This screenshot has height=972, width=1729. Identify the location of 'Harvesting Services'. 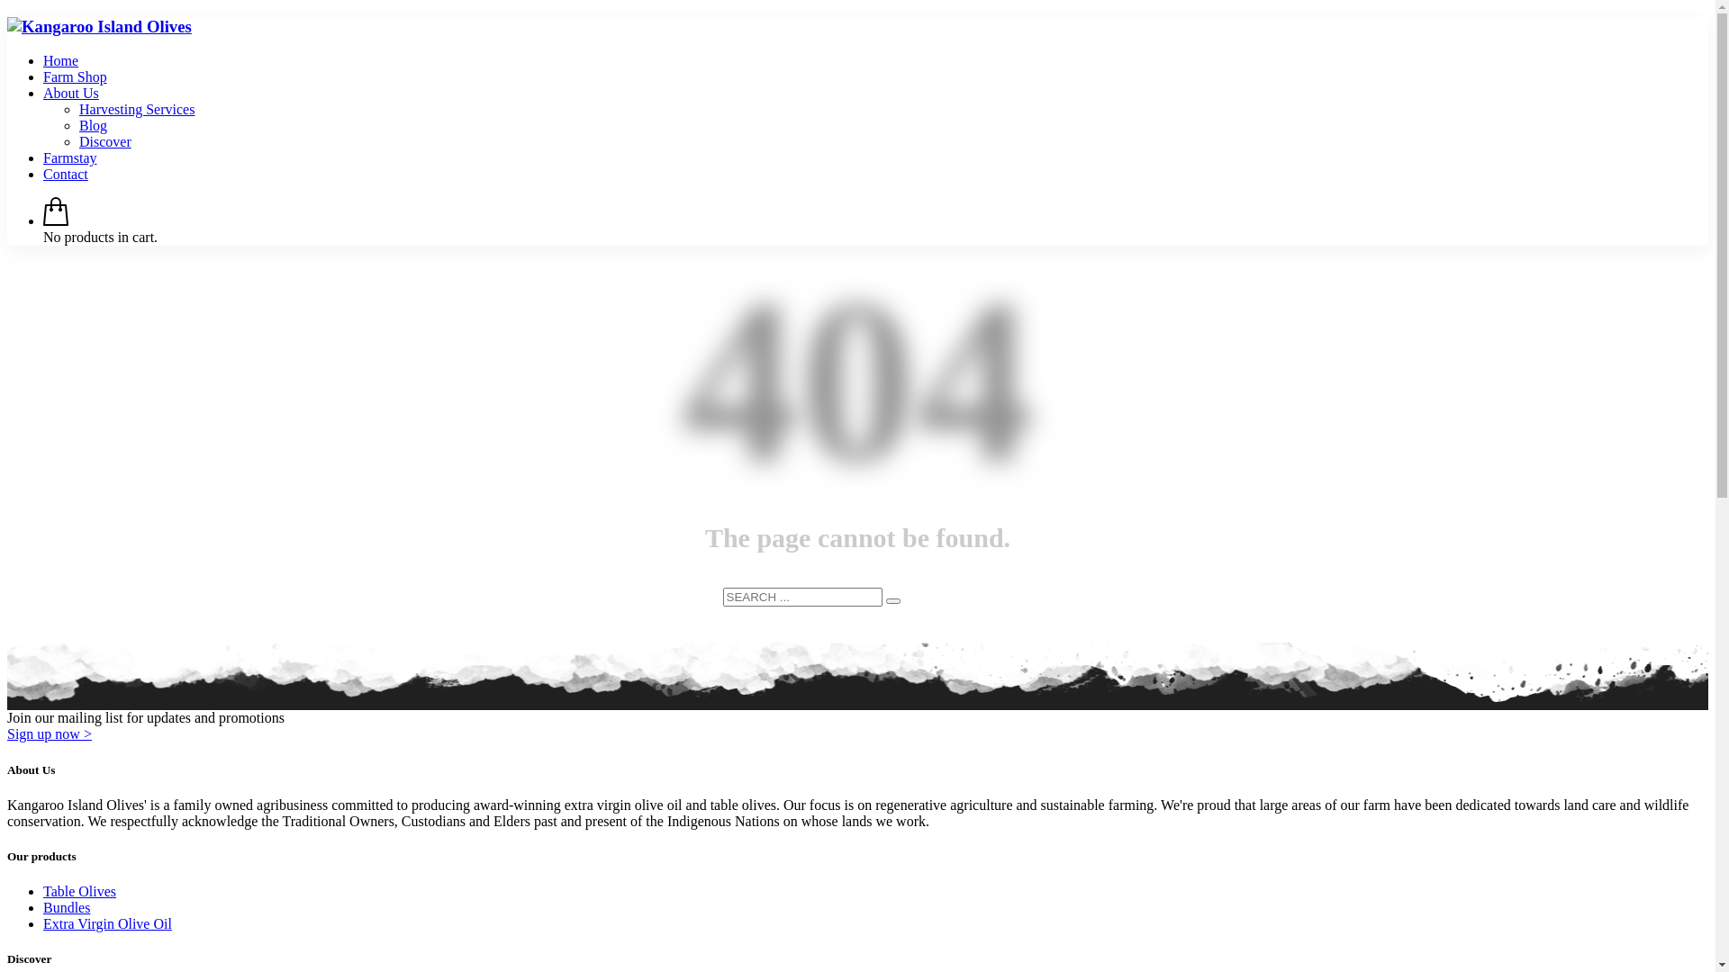
(136, 109).